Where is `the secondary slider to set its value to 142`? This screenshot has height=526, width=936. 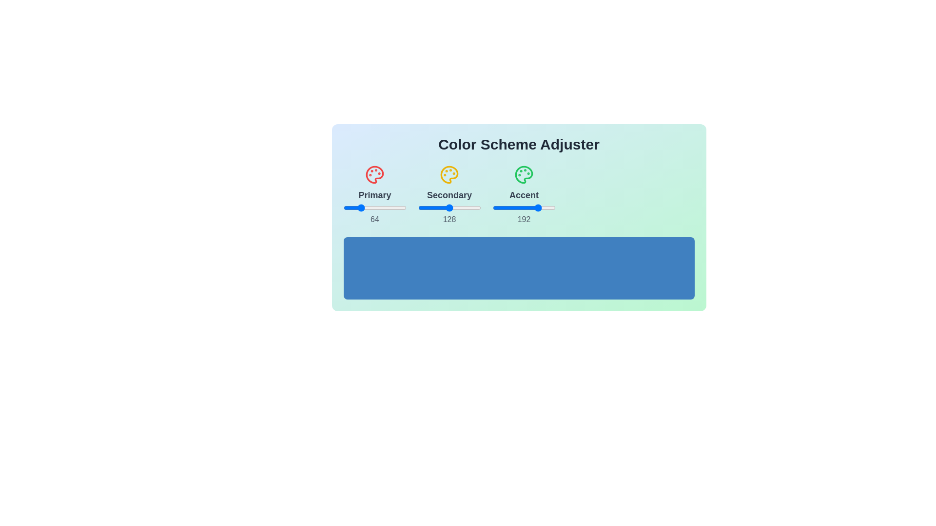 the secondary slider to set its value to 142 is located at coordinates (452, 207).